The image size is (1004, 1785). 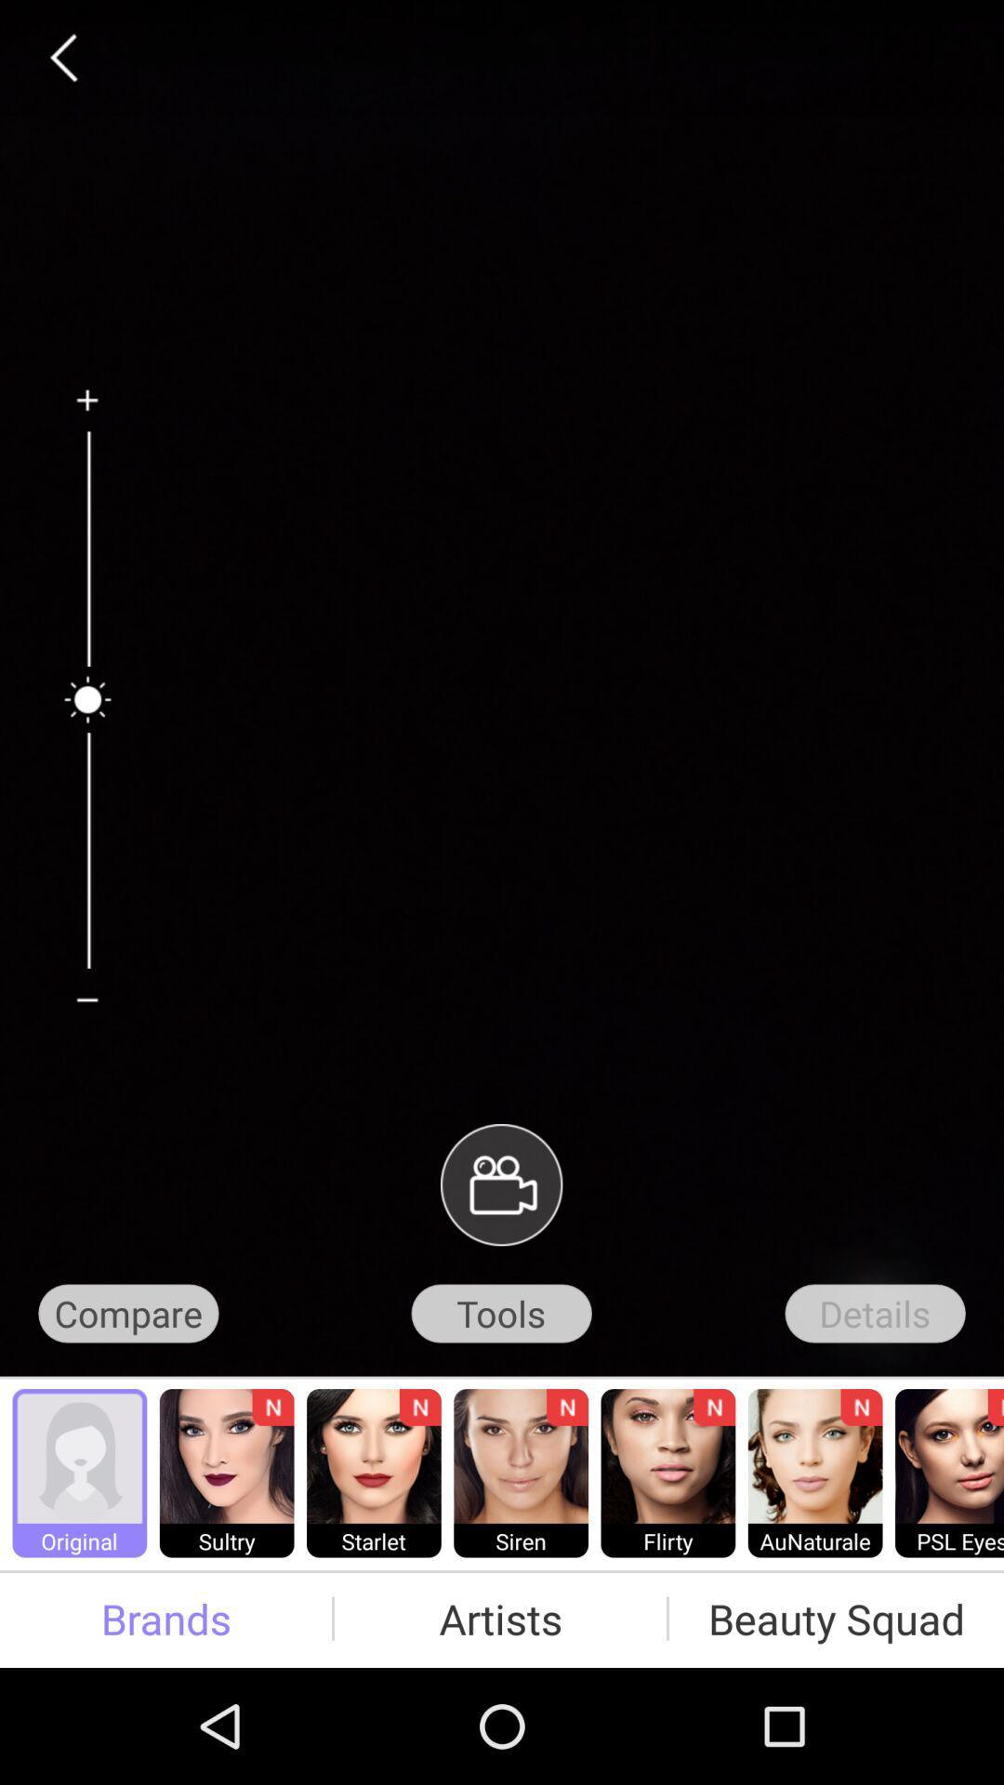 What do you see at coordinates (500, 1267) in the screenshot?
I see `the videocam icon` at bounding box center [500, 1267].